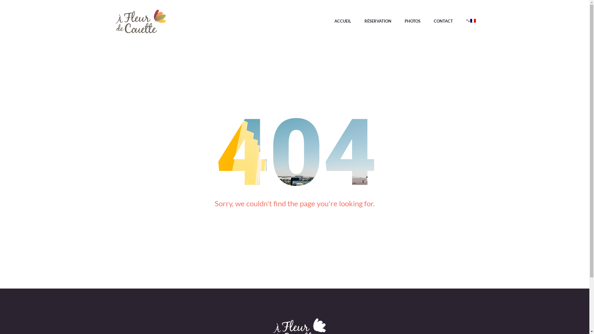 The height and width of the screenshot is (334, 594). Describe the element at coordinates (443, 22) in the screenshot. I see `'CONTACT'` at that location.